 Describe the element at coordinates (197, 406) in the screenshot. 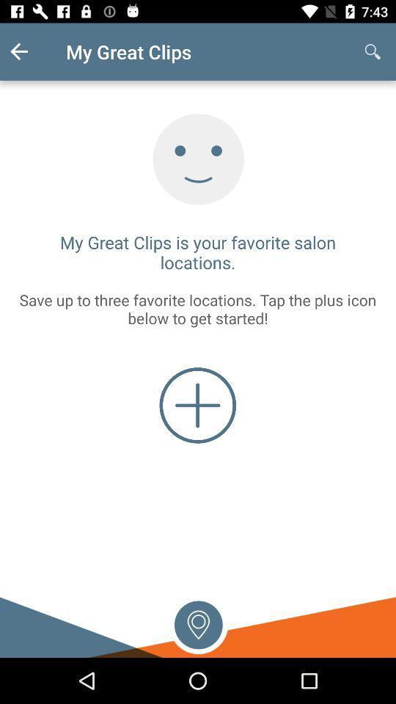

I see `a file/picture` at that location.